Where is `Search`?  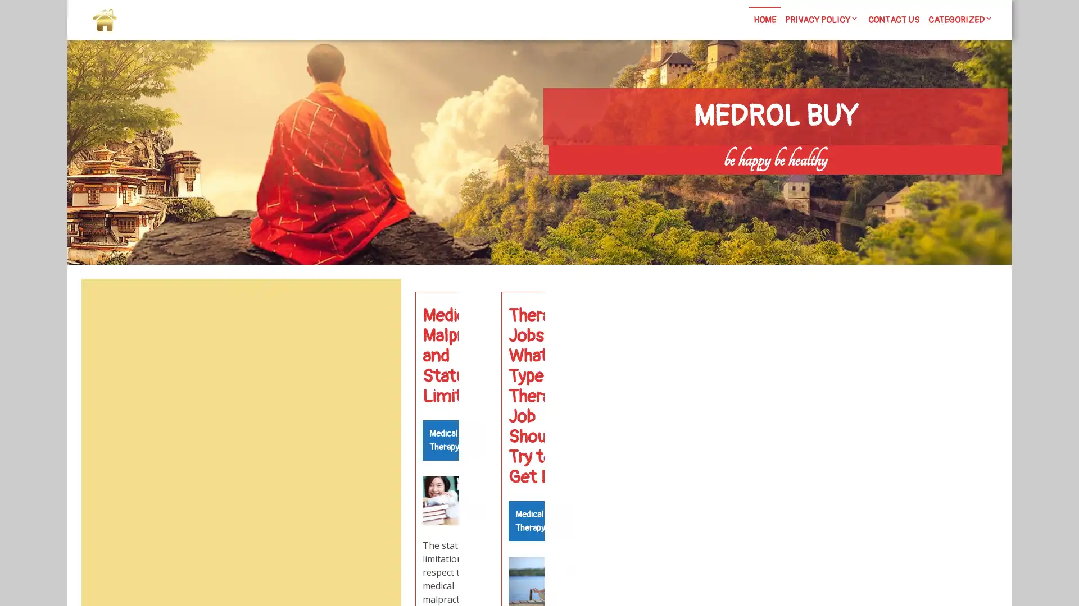
Search is located at coordinates (375, 306).